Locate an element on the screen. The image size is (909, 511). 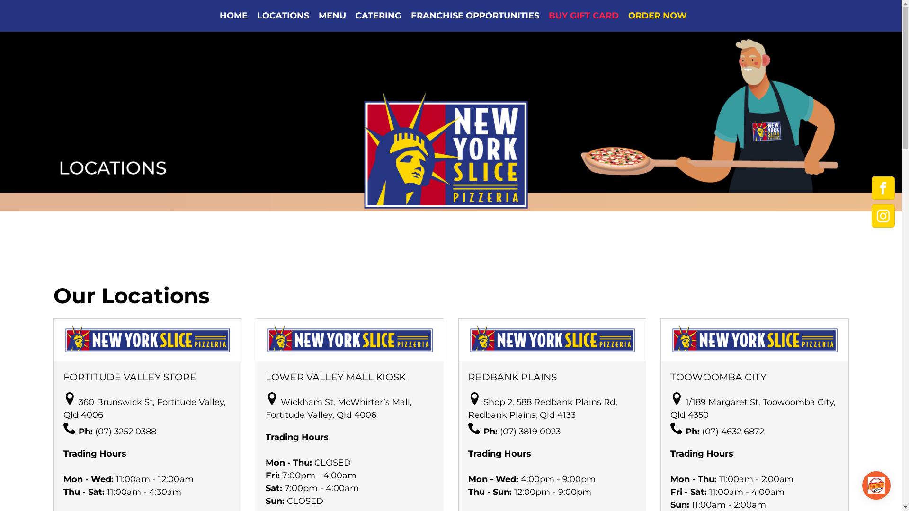
'FRANCHISE OPPORTUNITIES' is located at coordinates (475, 16).